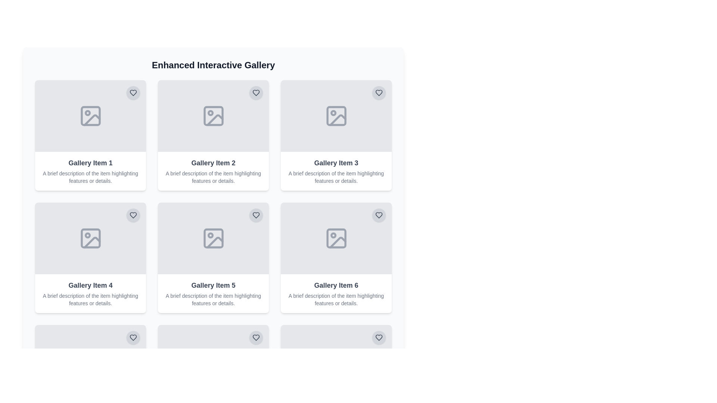 This screenshot has width=717, height=403. What do you see at coordinates (379, 338) in the screenshot?
I see `the 'like' button located in the top-right corner of the sixth gallery card` at bounding box center [379, 338].